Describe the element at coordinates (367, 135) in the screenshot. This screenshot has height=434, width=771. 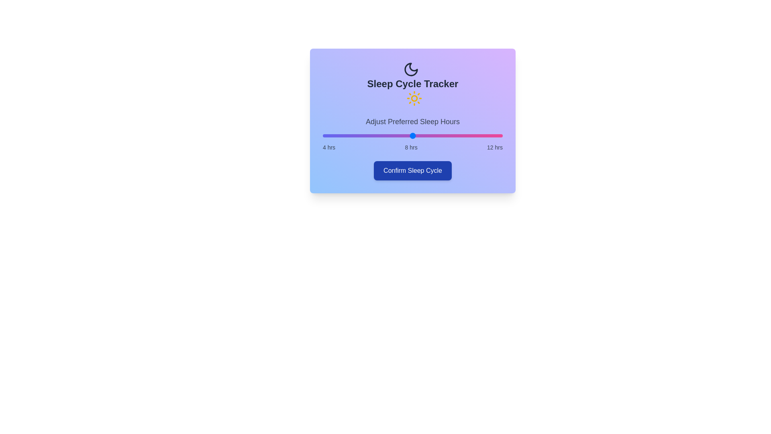
I see `the sleep hours slider to 6 hours` at that location.